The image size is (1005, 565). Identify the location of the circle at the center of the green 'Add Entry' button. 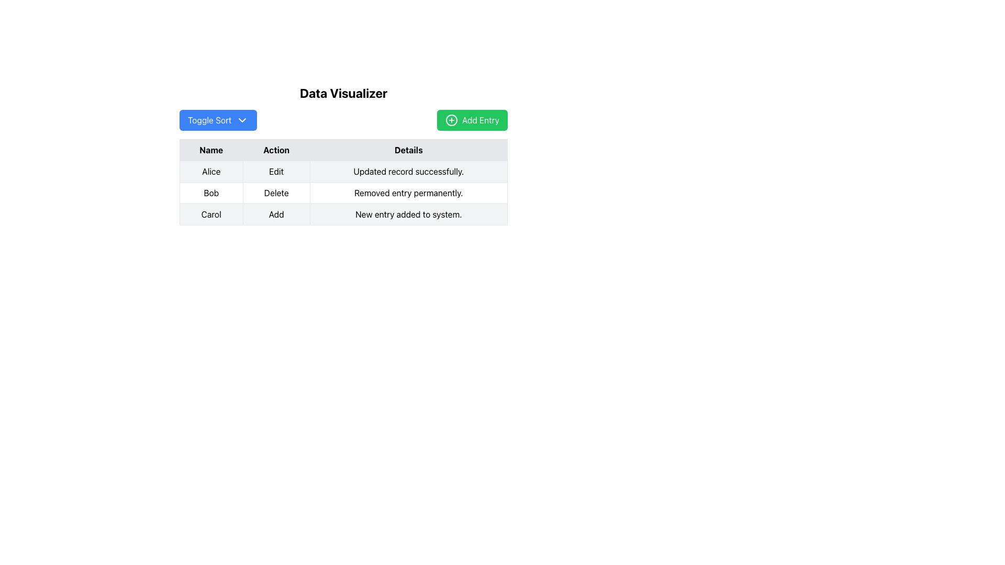
(451, 120).